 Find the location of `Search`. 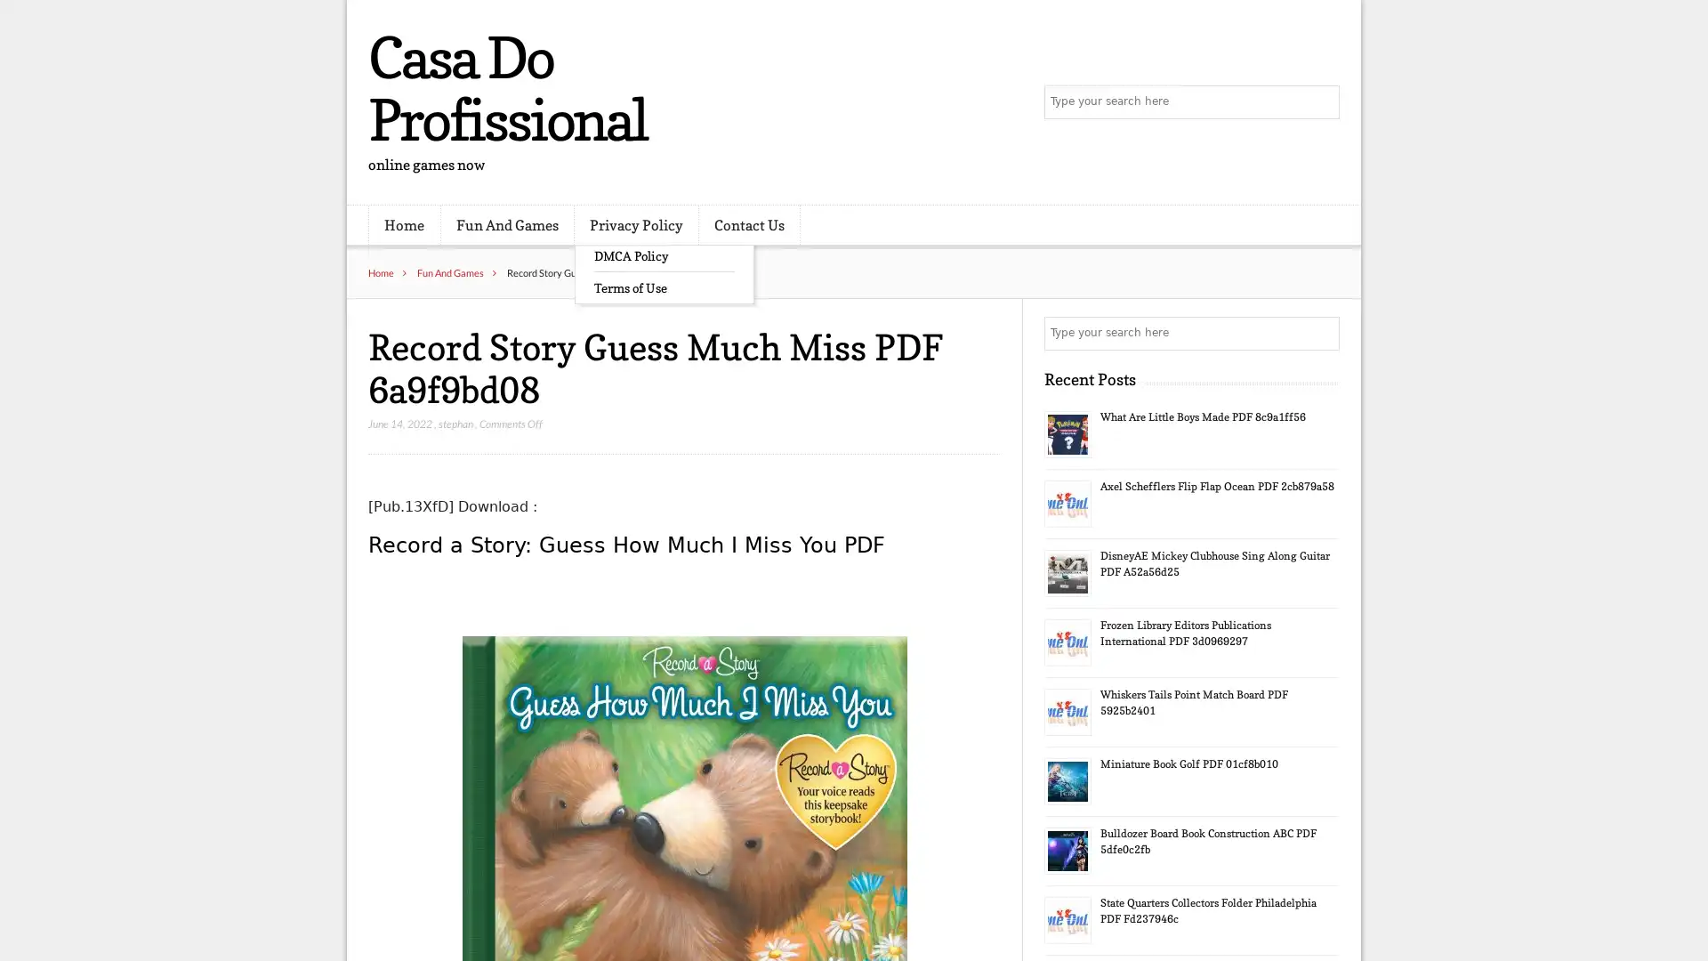

Search is located at coordinates (1321, 333).